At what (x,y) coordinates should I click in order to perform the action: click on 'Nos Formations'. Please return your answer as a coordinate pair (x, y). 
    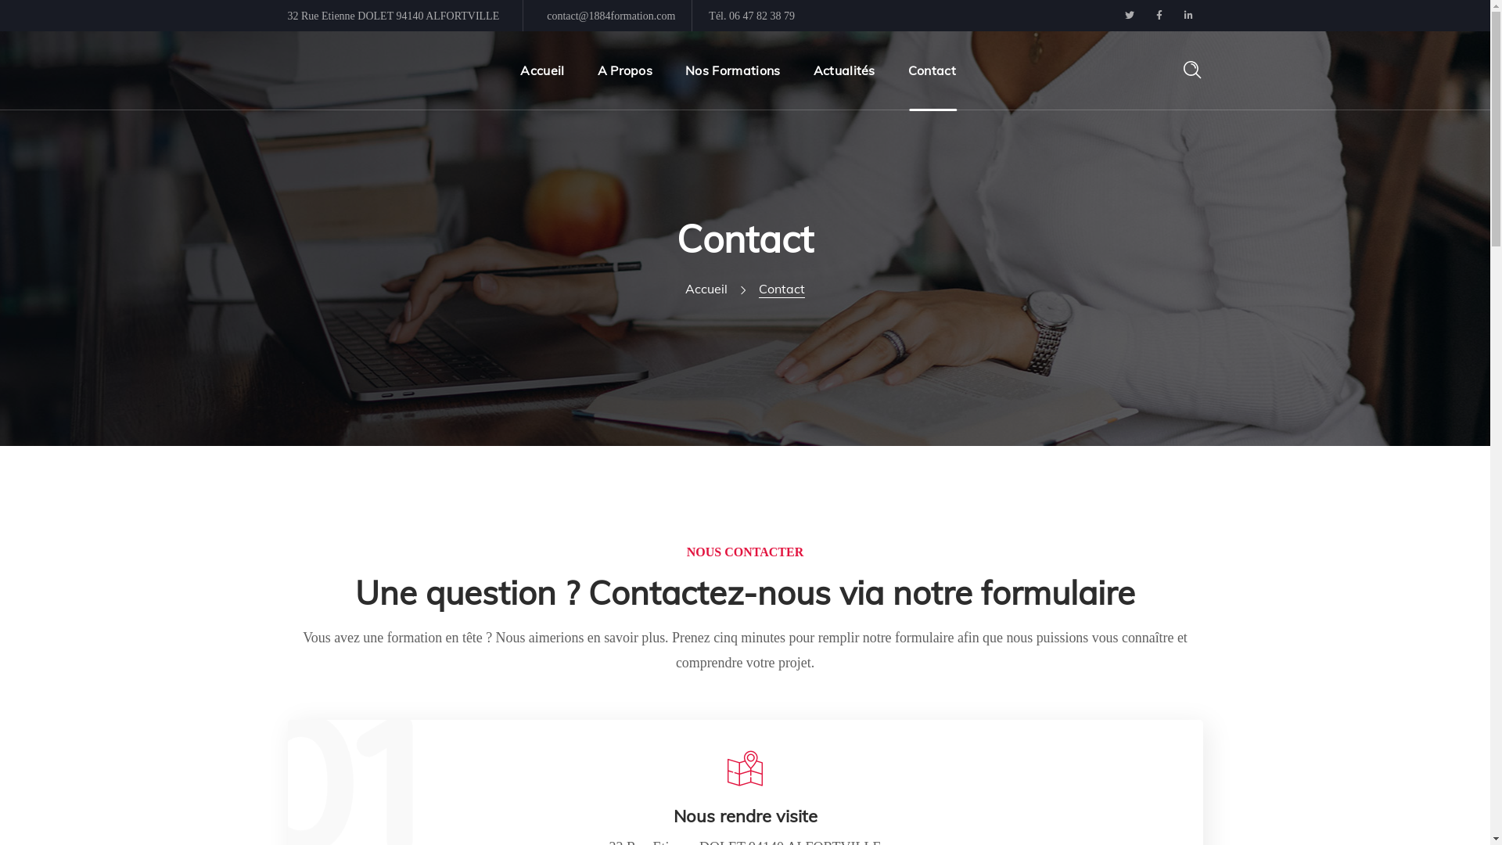
    Looking at the image, I should click on (731, 69).